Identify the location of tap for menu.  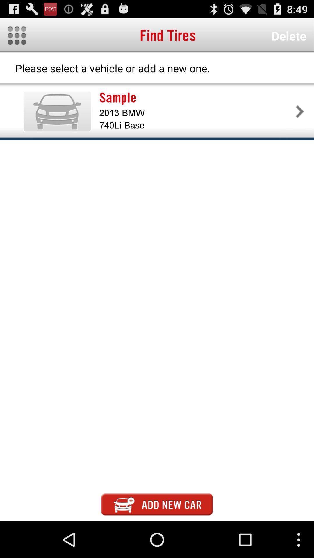
(16, 35).